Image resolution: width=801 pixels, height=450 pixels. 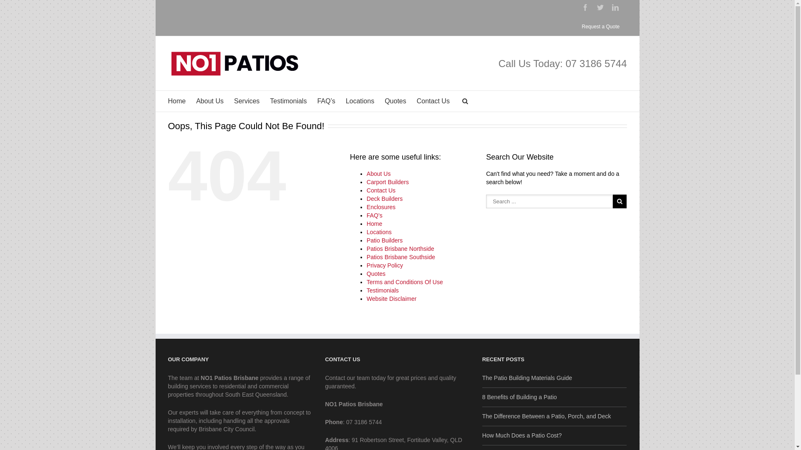 I want to click on 'Linkedin', so click(x=611, y=7).